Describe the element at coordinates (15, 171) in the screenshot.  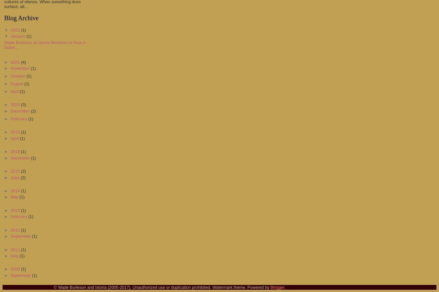
I see `'2015'` at that location.